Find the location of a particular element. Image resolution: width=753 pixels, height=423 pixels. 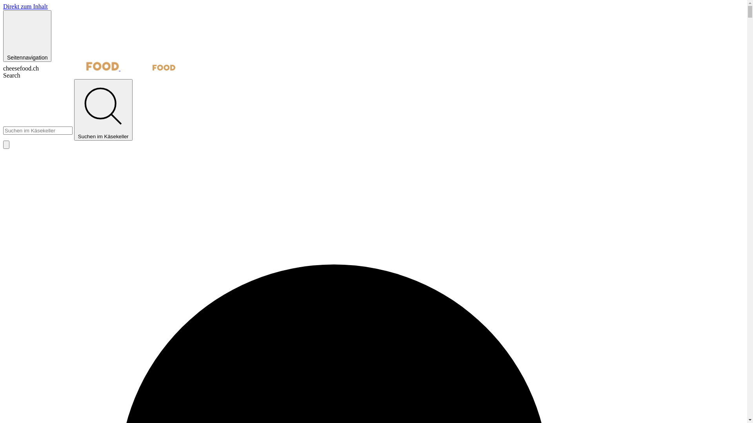

'Direkt zum Inhalt' is located at coordinates (3, 6).